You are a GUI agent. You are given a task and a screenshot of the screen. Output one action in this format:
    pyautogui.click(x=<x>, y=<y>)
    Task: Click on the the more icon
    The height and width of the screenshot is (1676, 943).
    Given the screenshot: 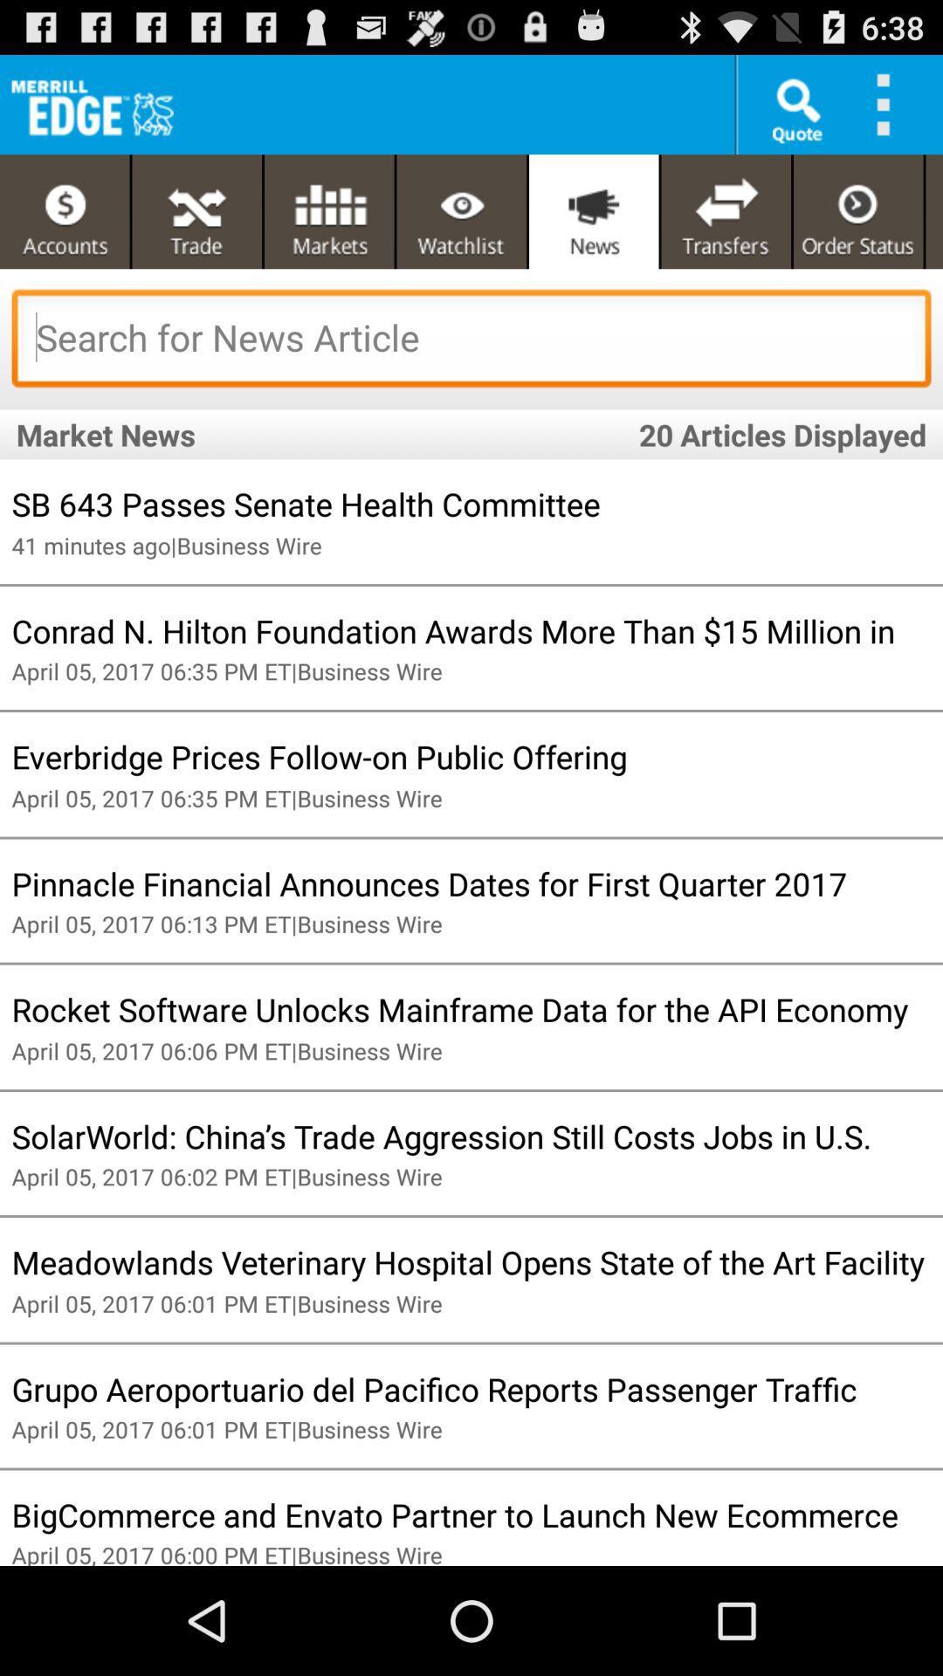 What is the action you would take?
    pyautogui.click(x=889, y=111)
    